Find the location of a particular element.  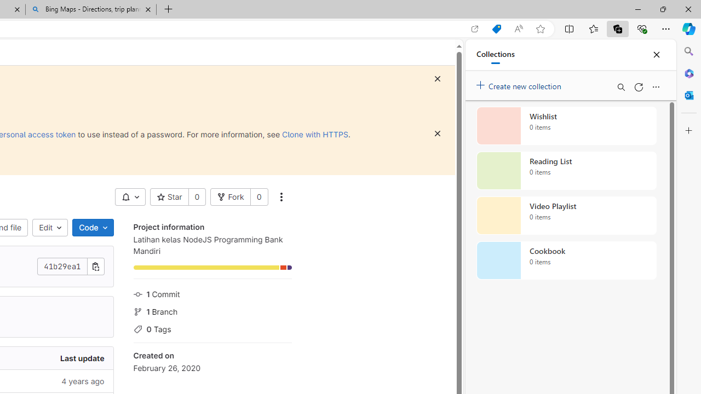

'Cookbook collection, 0 items' is located at coordinates (566, 260).